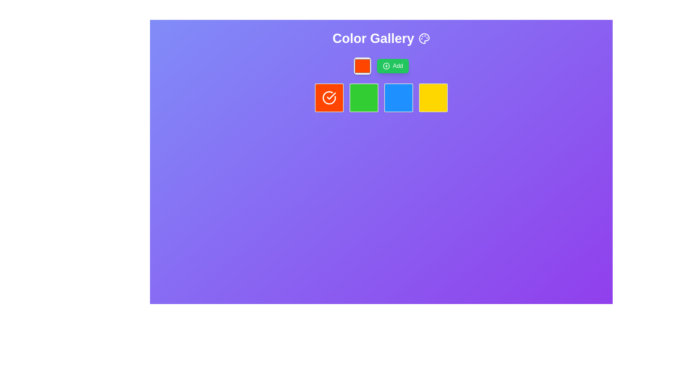 The height and width of the screenshot is (390, 694). I want to click on the green button-like component with rounded corners located under the 'Color Gallery' title, so click(364, 97).